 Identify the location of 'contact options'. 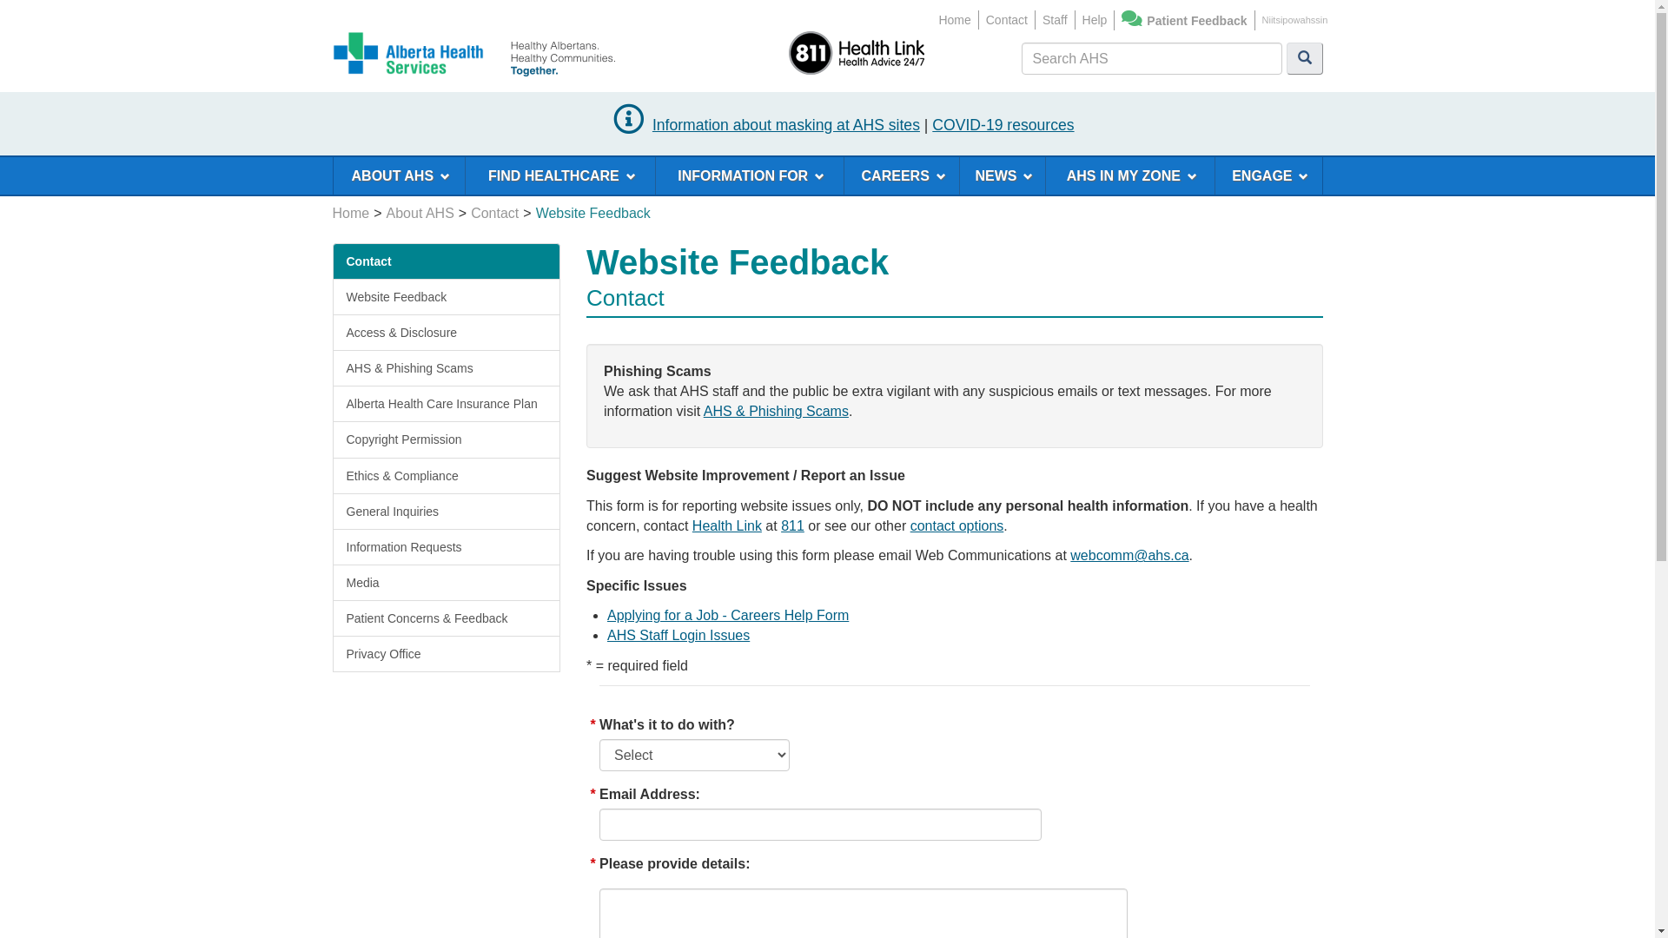
(956, 525).